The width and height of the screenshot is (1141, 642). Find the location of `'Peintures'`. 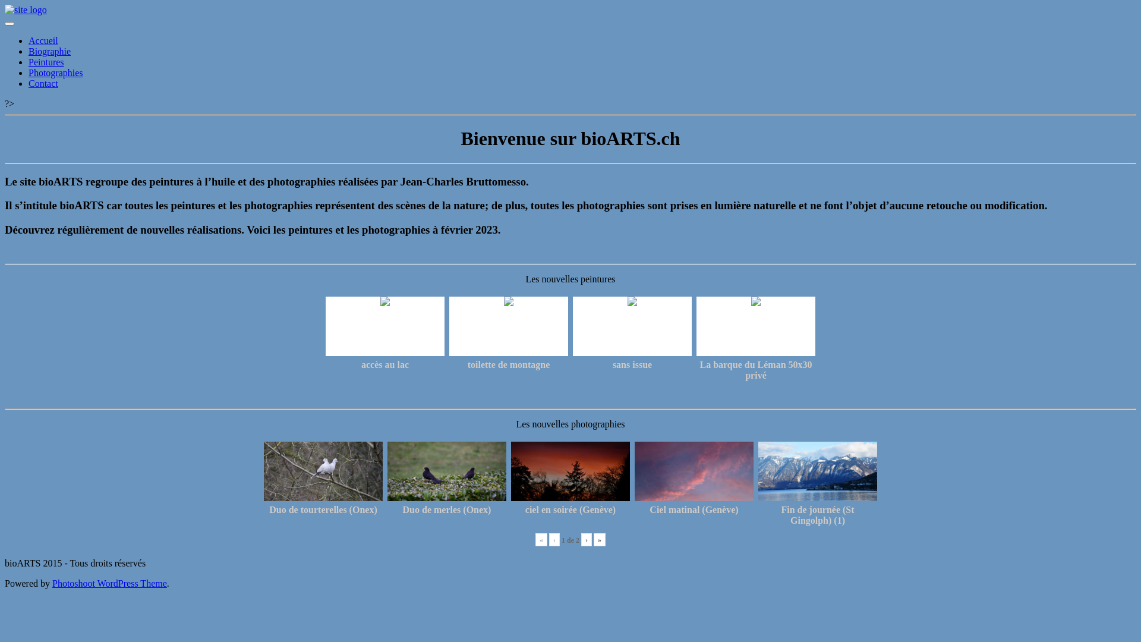

'Peintures' is located at coordinates (46, 62).